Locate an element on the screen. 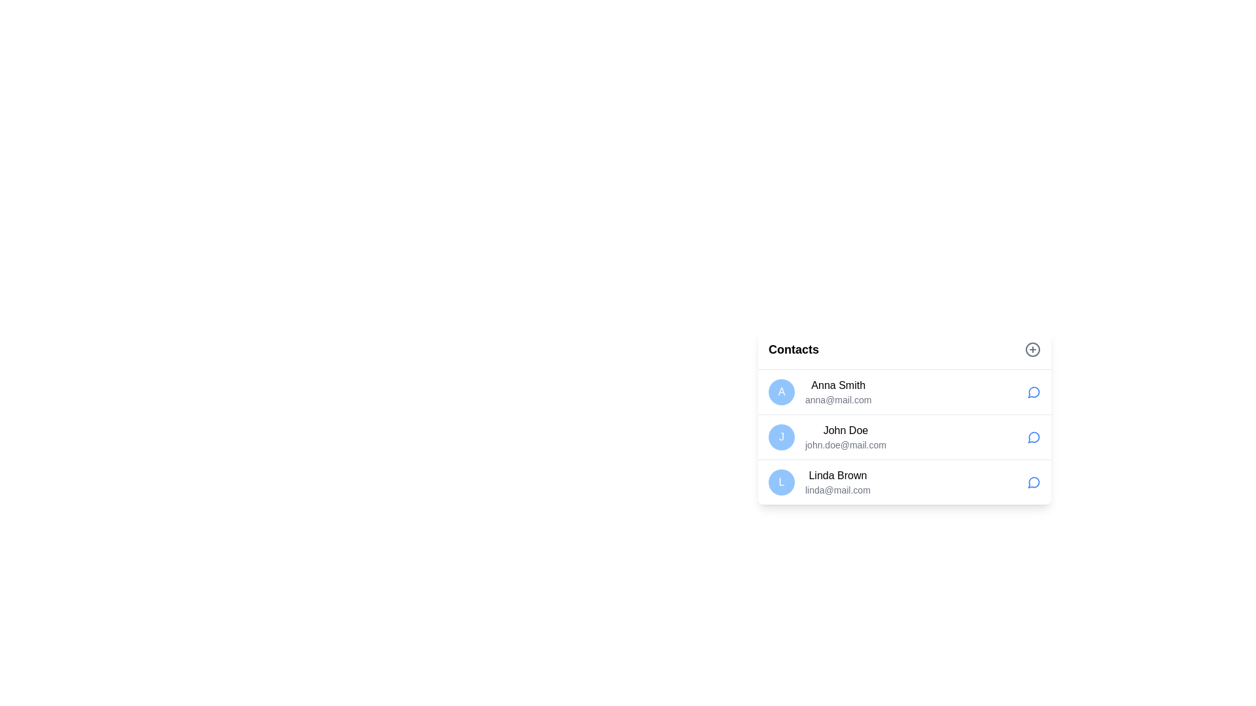 The width and height of the screenshot is (1256, 706). the blue speech bubble icon located to the far right of the row containing 'Linda Brown' and 'linda@mail.com' is located at coordinates (1033, 482).